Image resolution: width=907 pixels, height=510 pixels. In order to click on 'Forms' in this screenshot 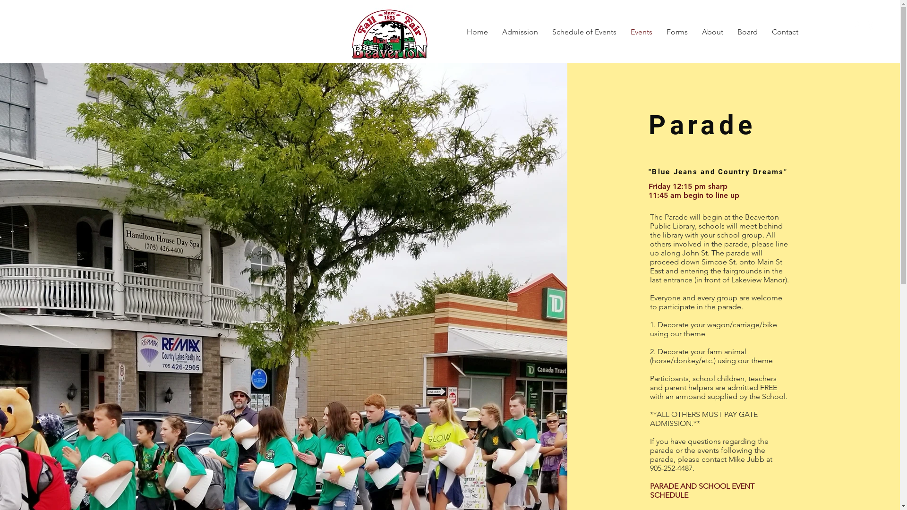, I will do `click(676, 32)`.